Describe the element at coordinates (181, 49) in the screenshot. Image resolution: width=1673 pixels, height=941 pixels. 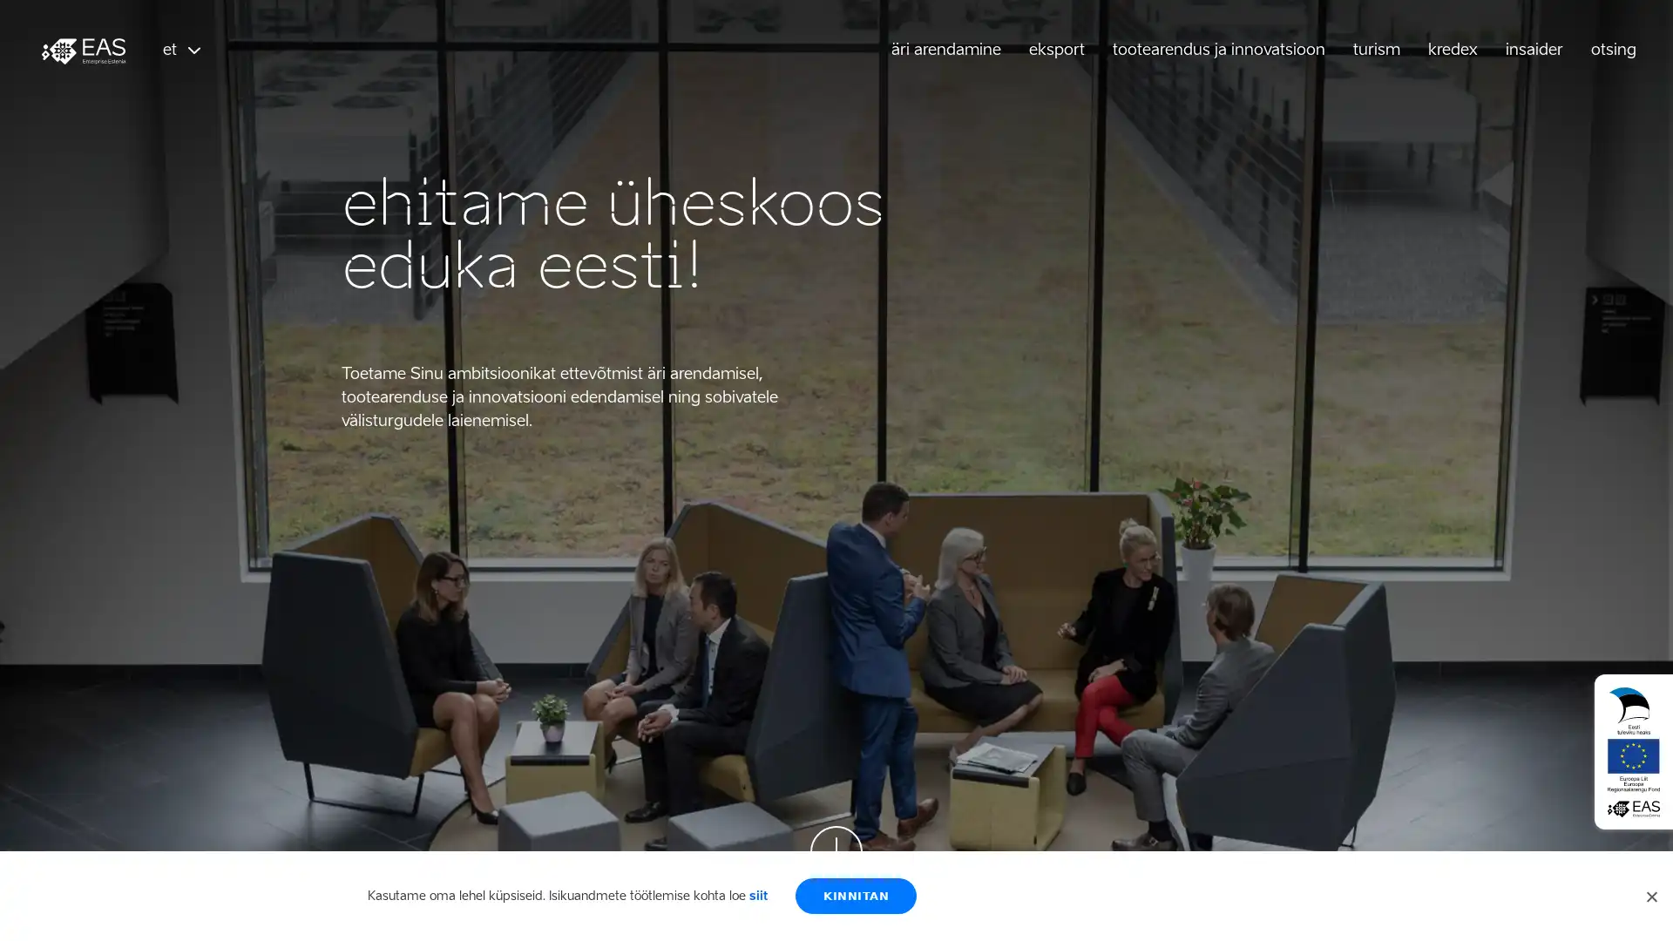
I see `et` at that location.